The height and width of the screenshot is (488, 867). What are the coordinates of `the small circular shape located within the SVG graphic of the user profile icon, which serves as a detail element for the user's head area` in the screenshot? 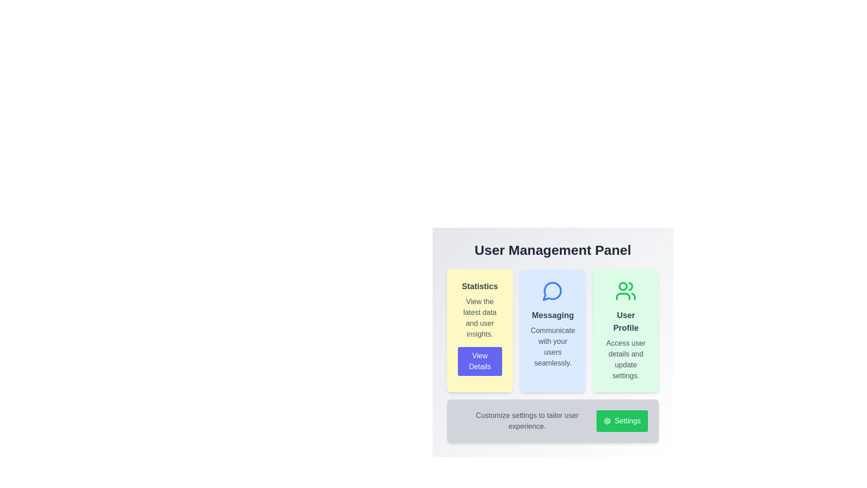 It's located at (623, 286).